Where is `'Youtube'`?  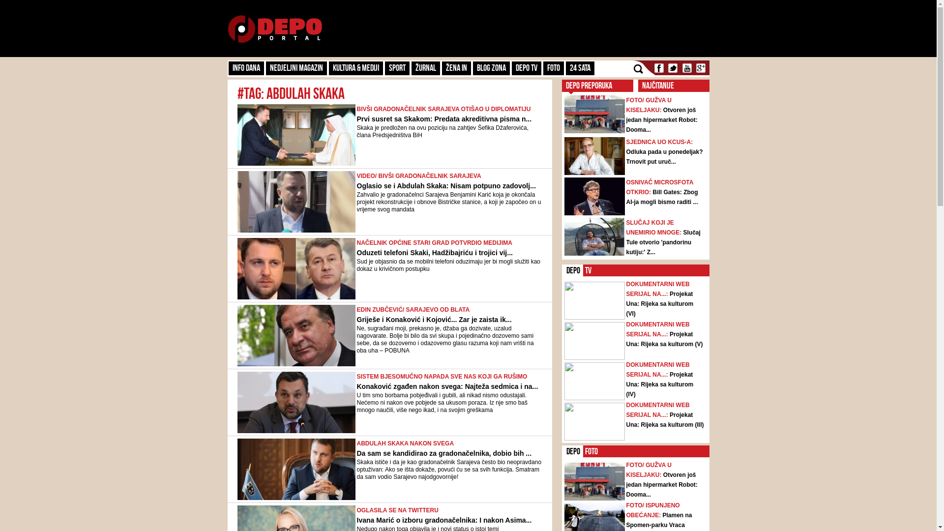
'Youtube' is located at coordinates (686, 67).